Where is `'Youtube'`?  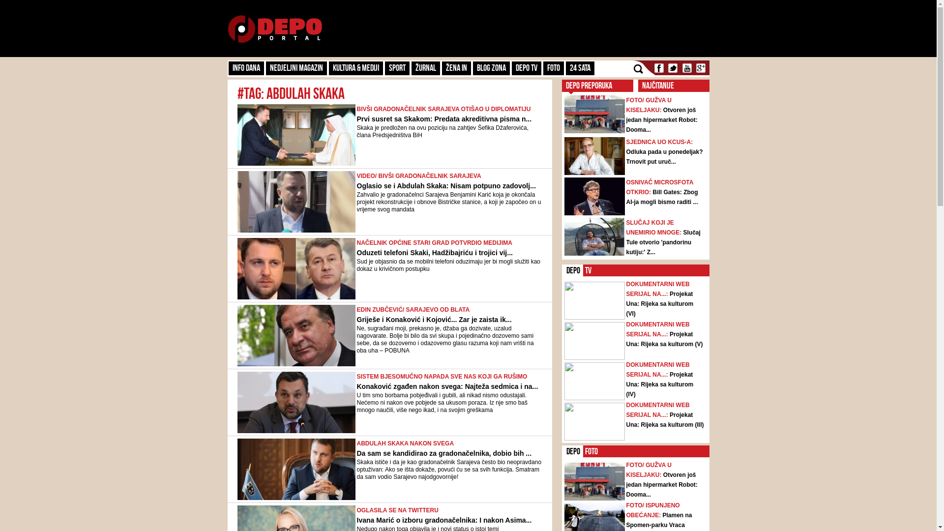
'Youtube' is located at coordinates (686, 67).